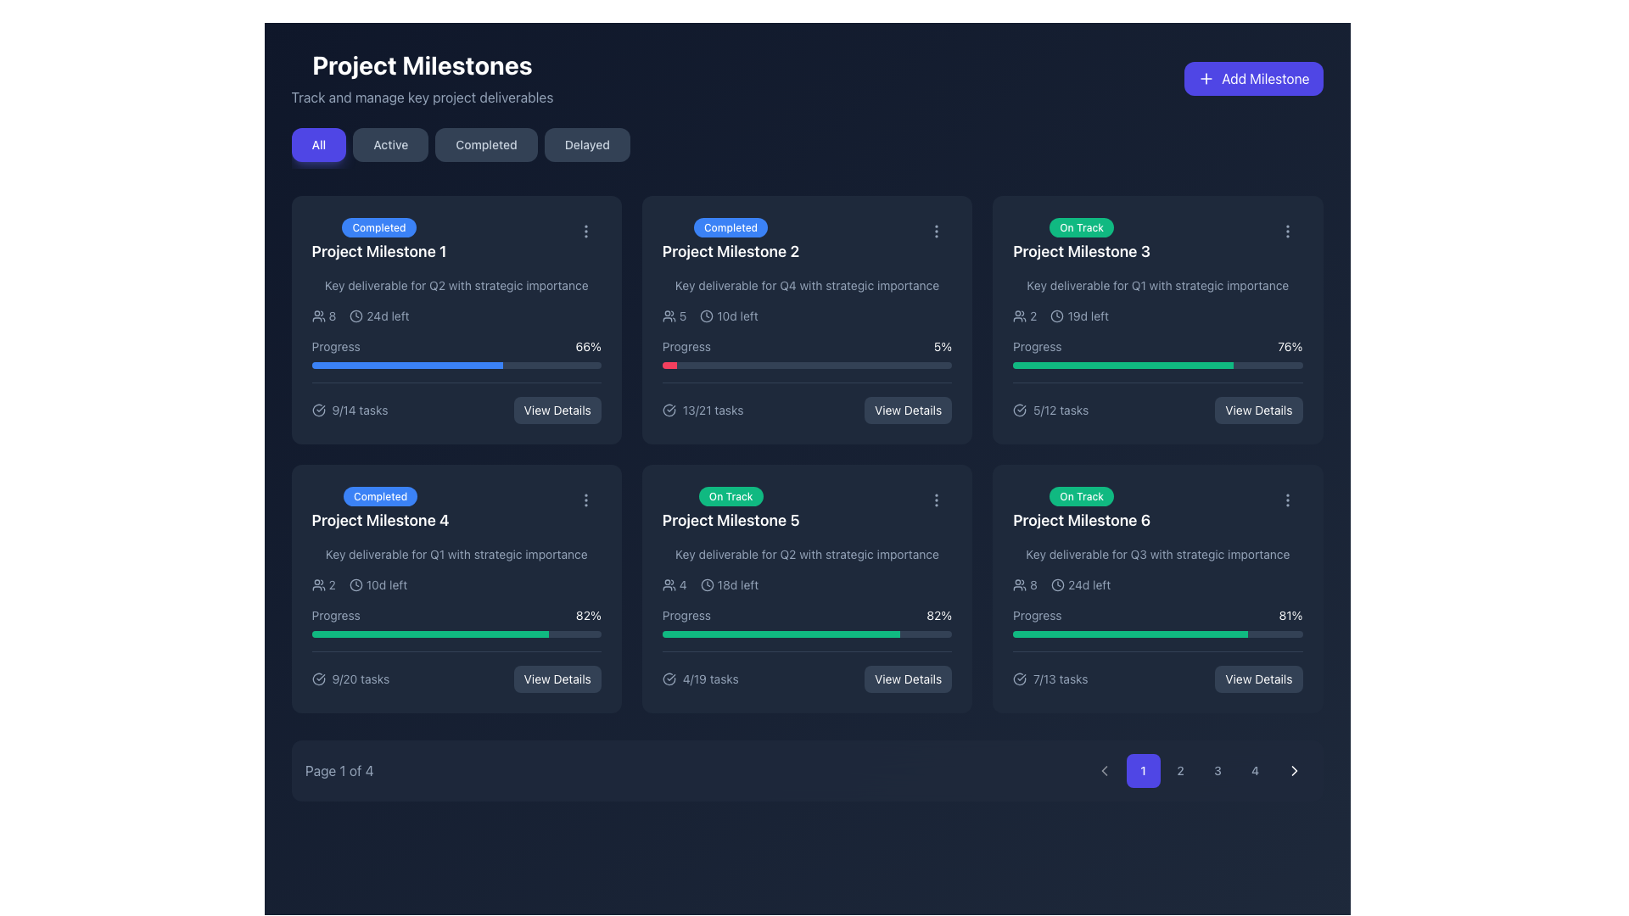  I want to click on the previous page navigation button located in the bottom-middle section of the interface, so click(1104, 771).